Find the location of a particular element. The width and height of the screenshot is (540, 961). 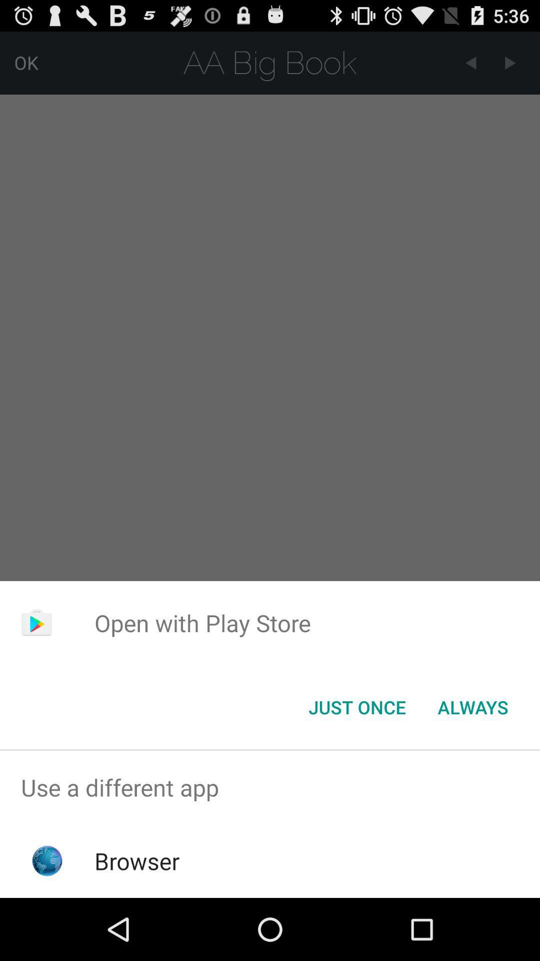

icon next to always is located at coordinates (356, 706).